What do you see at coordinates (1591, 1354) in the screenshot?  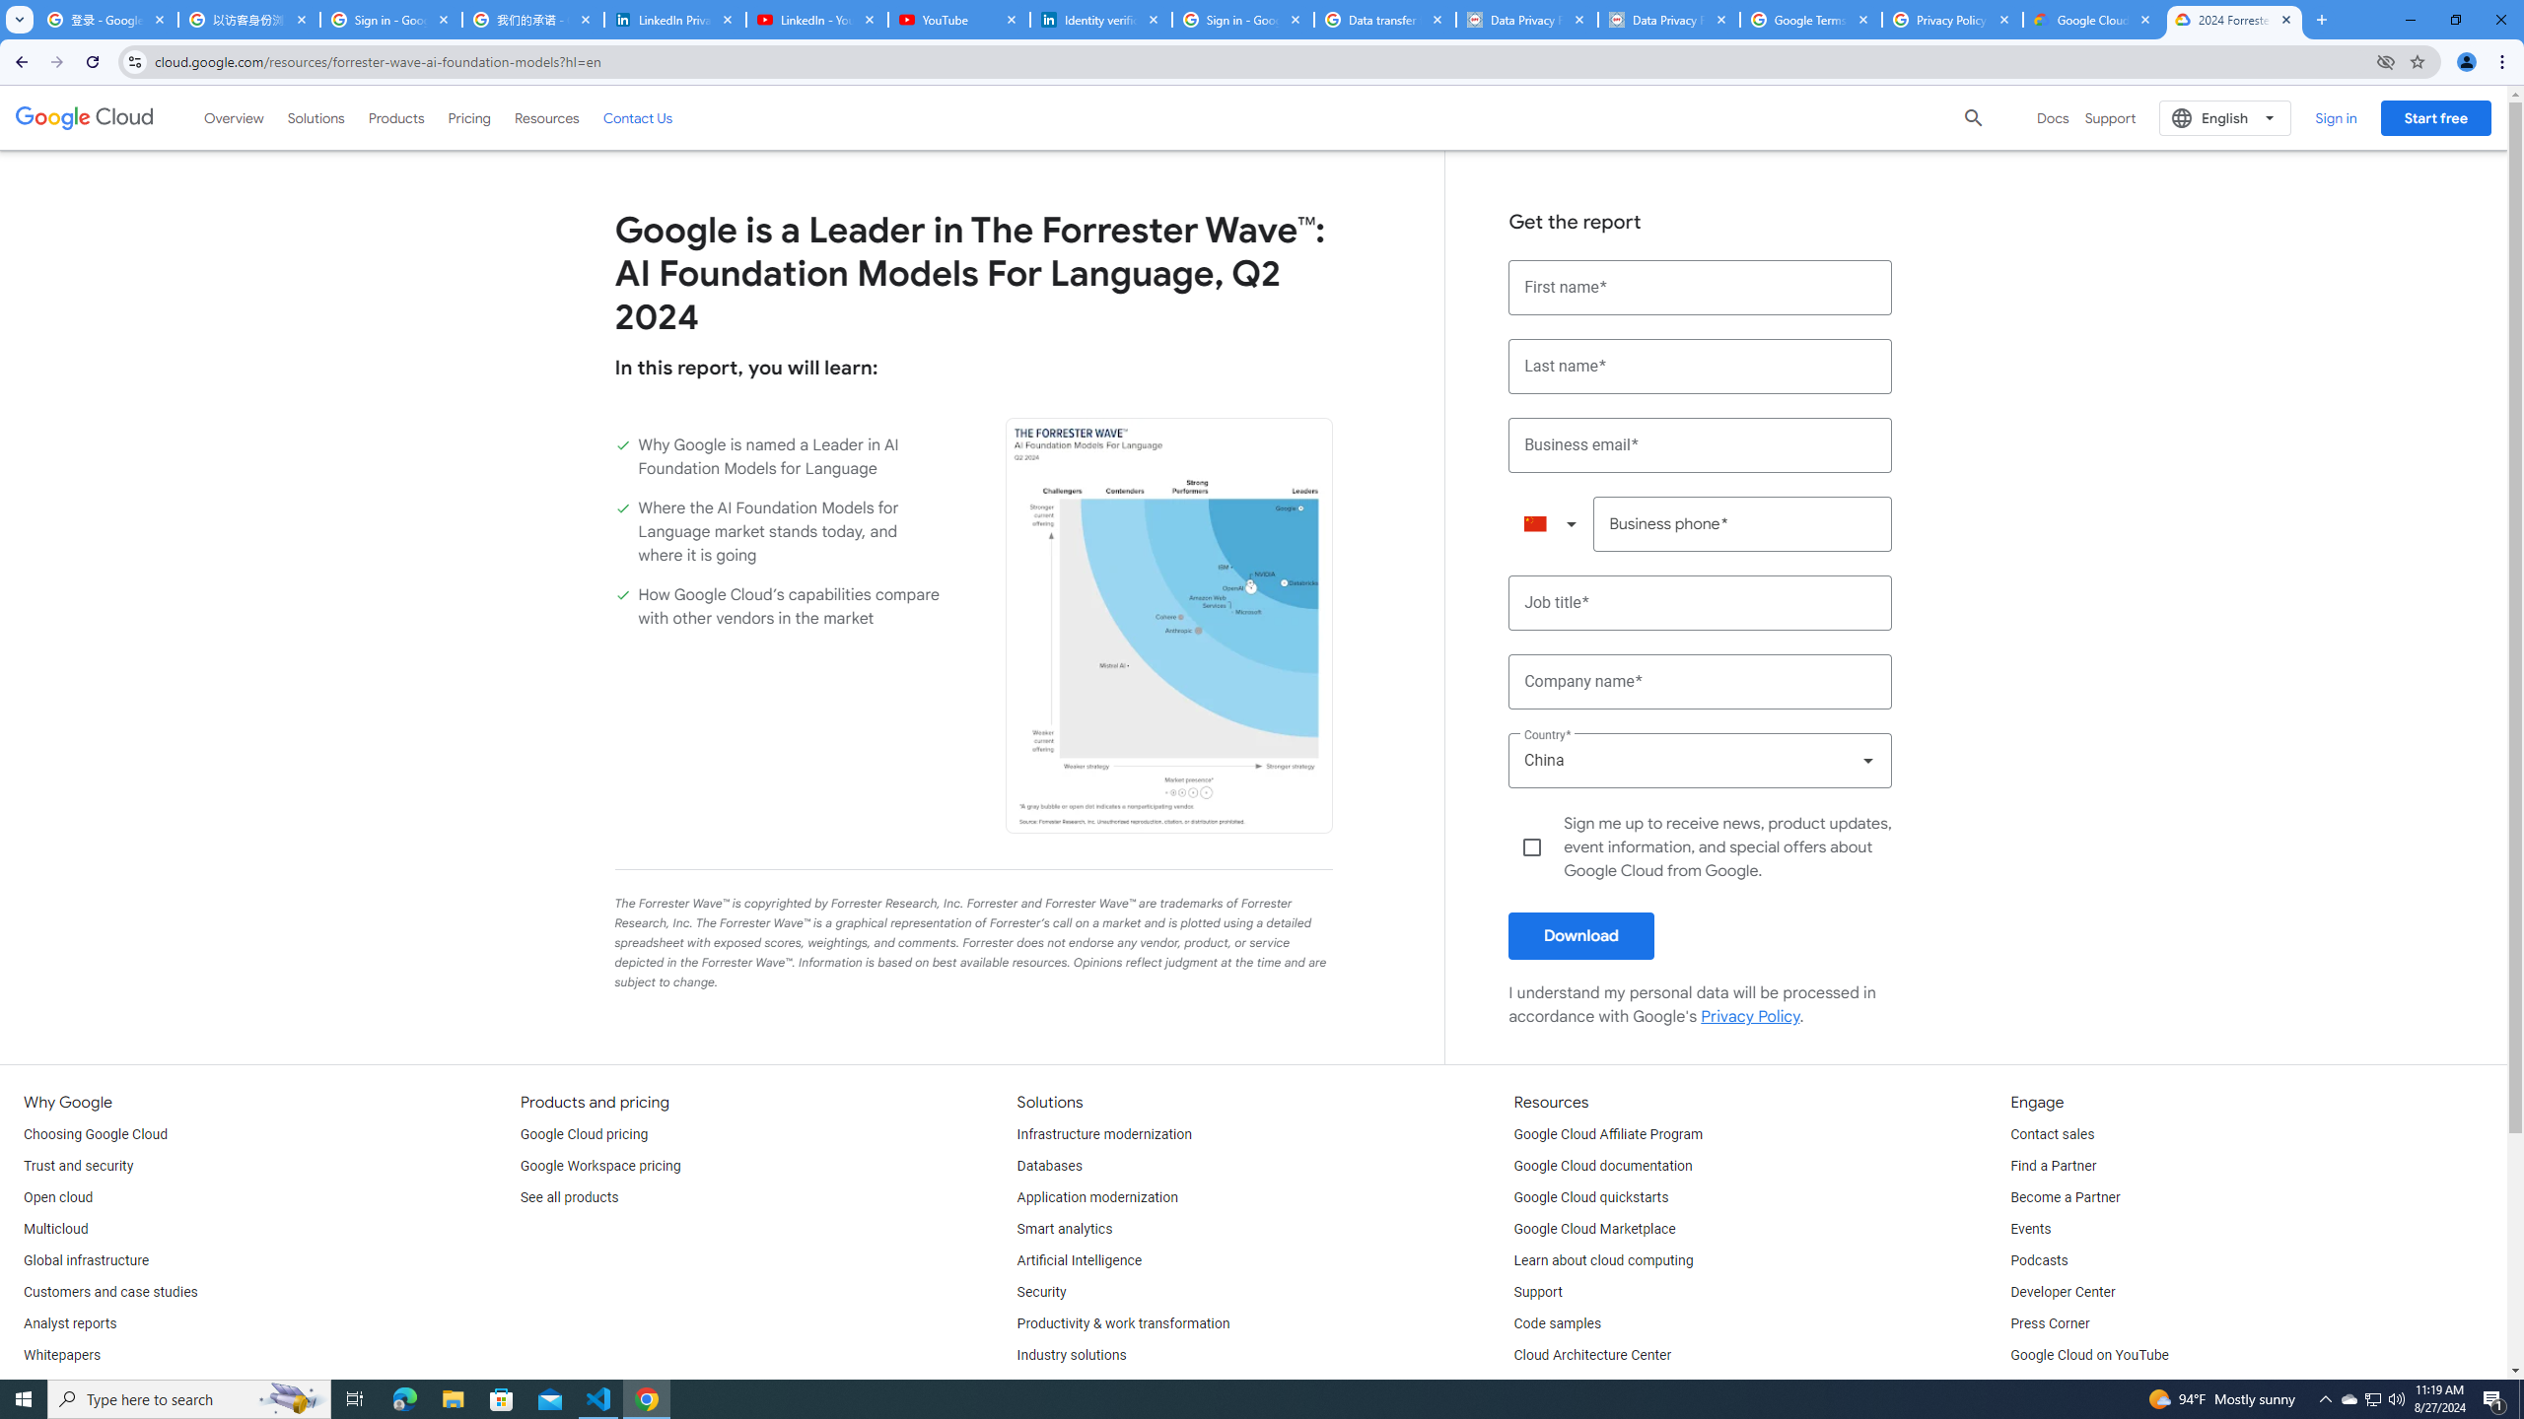 I see `'Cloud Architecture Center'` at bounding box center [1591, 1354].